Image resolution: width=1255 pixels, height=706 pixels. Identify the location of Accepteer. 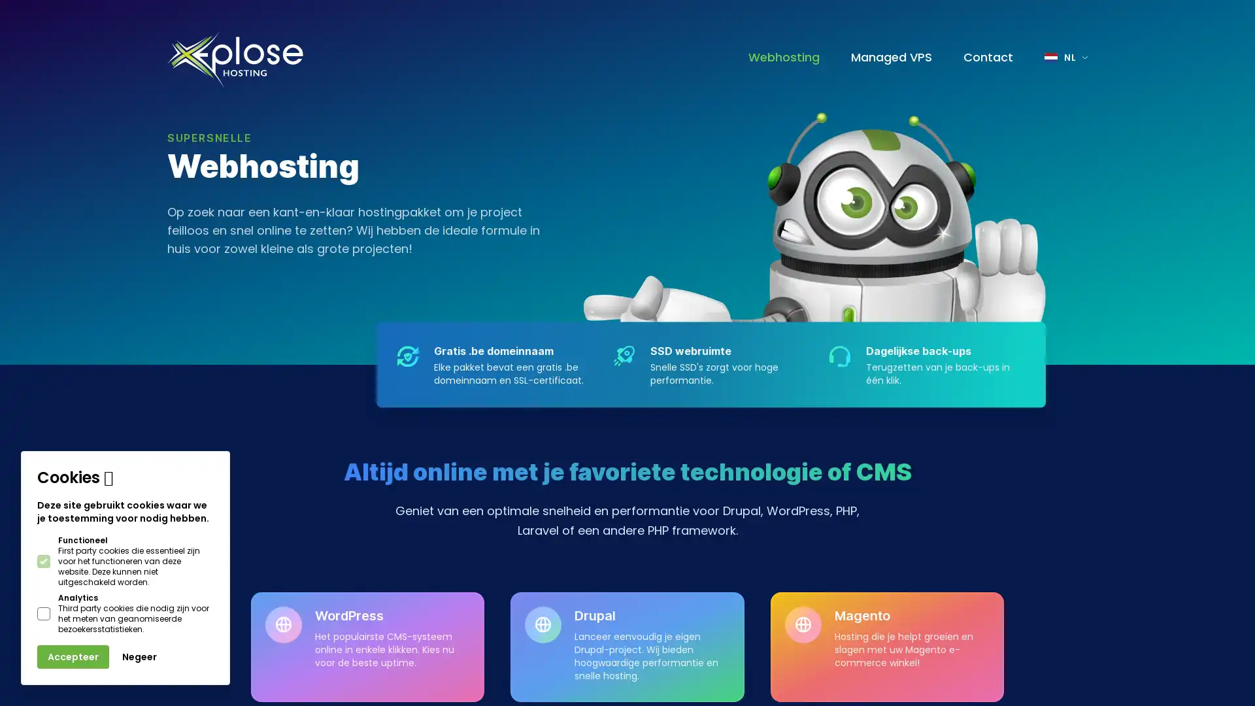
(72, 657).